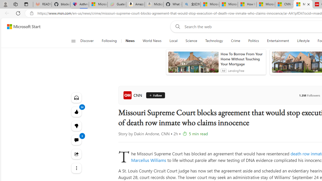 This screenshot has width=322, height=181. I want to click on 'Crime', so click(235, 41).